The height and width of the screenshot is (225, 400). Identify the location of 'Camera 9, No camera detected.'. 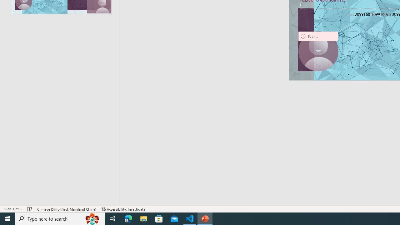
(318, 51).